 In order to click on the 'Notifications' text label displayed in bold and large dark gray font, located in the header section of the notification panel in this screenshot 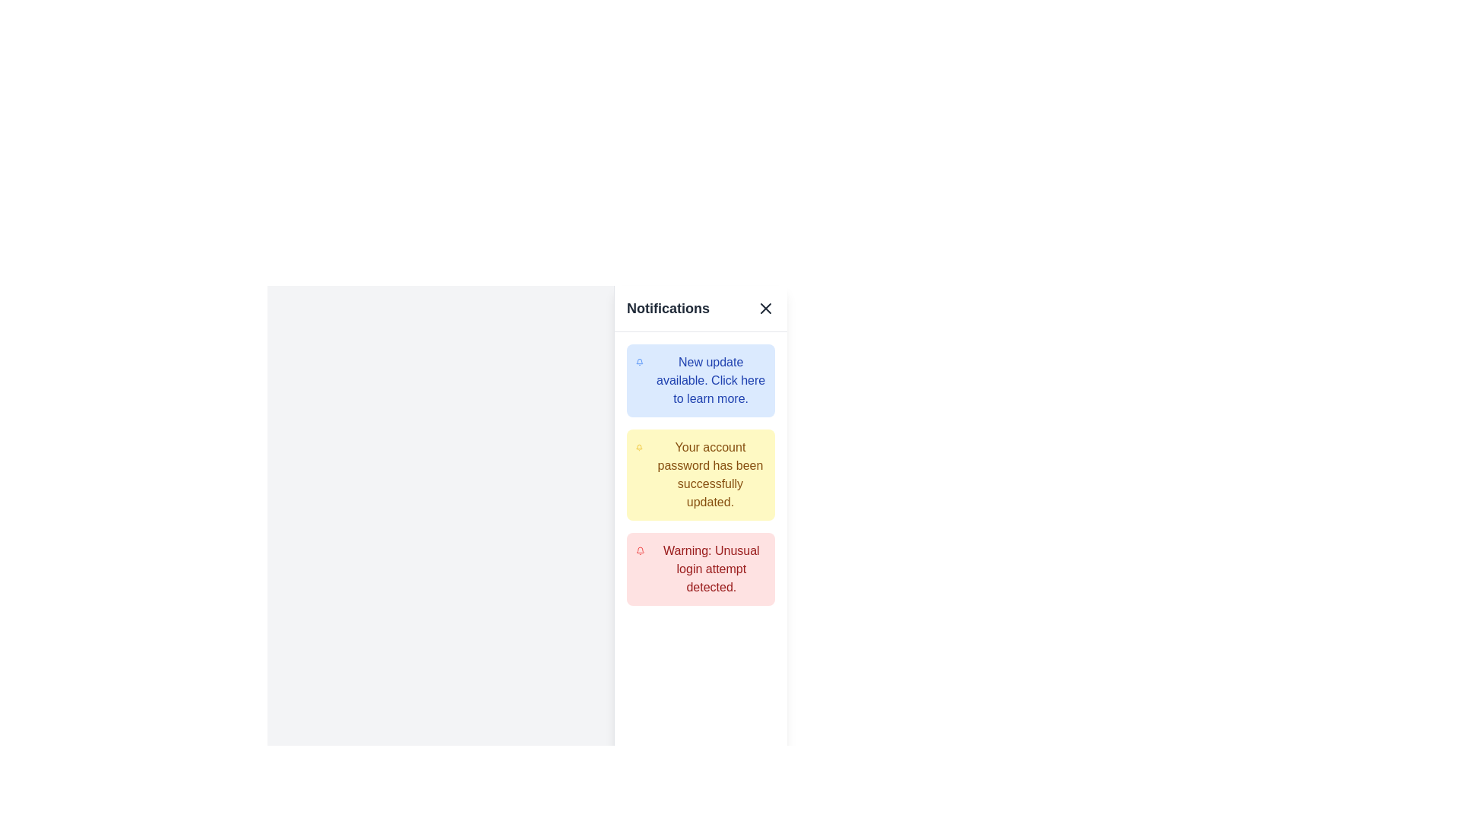, I will do `click(668, 308)`.